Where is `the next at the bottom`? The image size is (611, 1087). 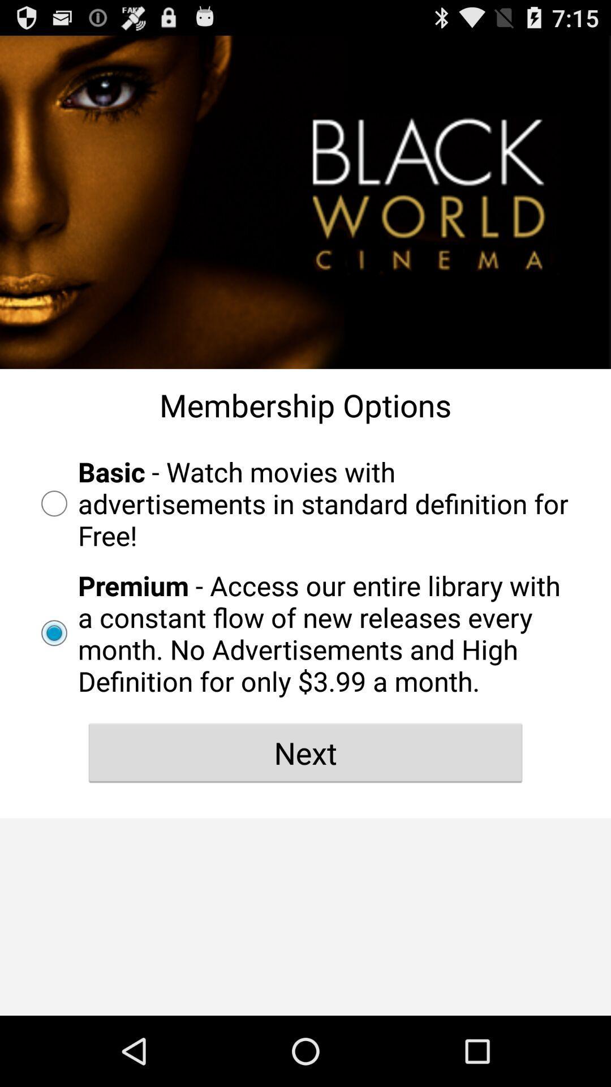
the next at the bottom is located at coordinates (305, 752).